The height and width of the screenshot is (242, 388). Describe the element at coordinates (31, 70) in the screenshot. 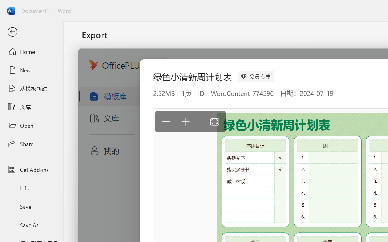

I see `'New'` at that location.